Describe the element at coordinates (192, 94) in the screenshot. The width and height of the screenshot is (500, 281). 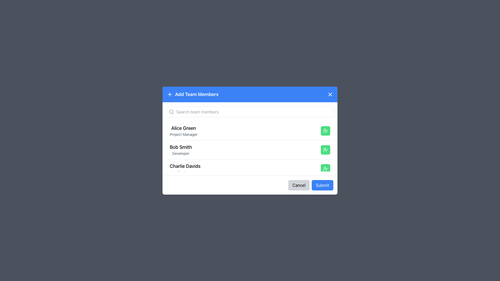
I see `the title label in the blue header bar of the modal dialog that indicates the action of managing team members by adding them` at that location.